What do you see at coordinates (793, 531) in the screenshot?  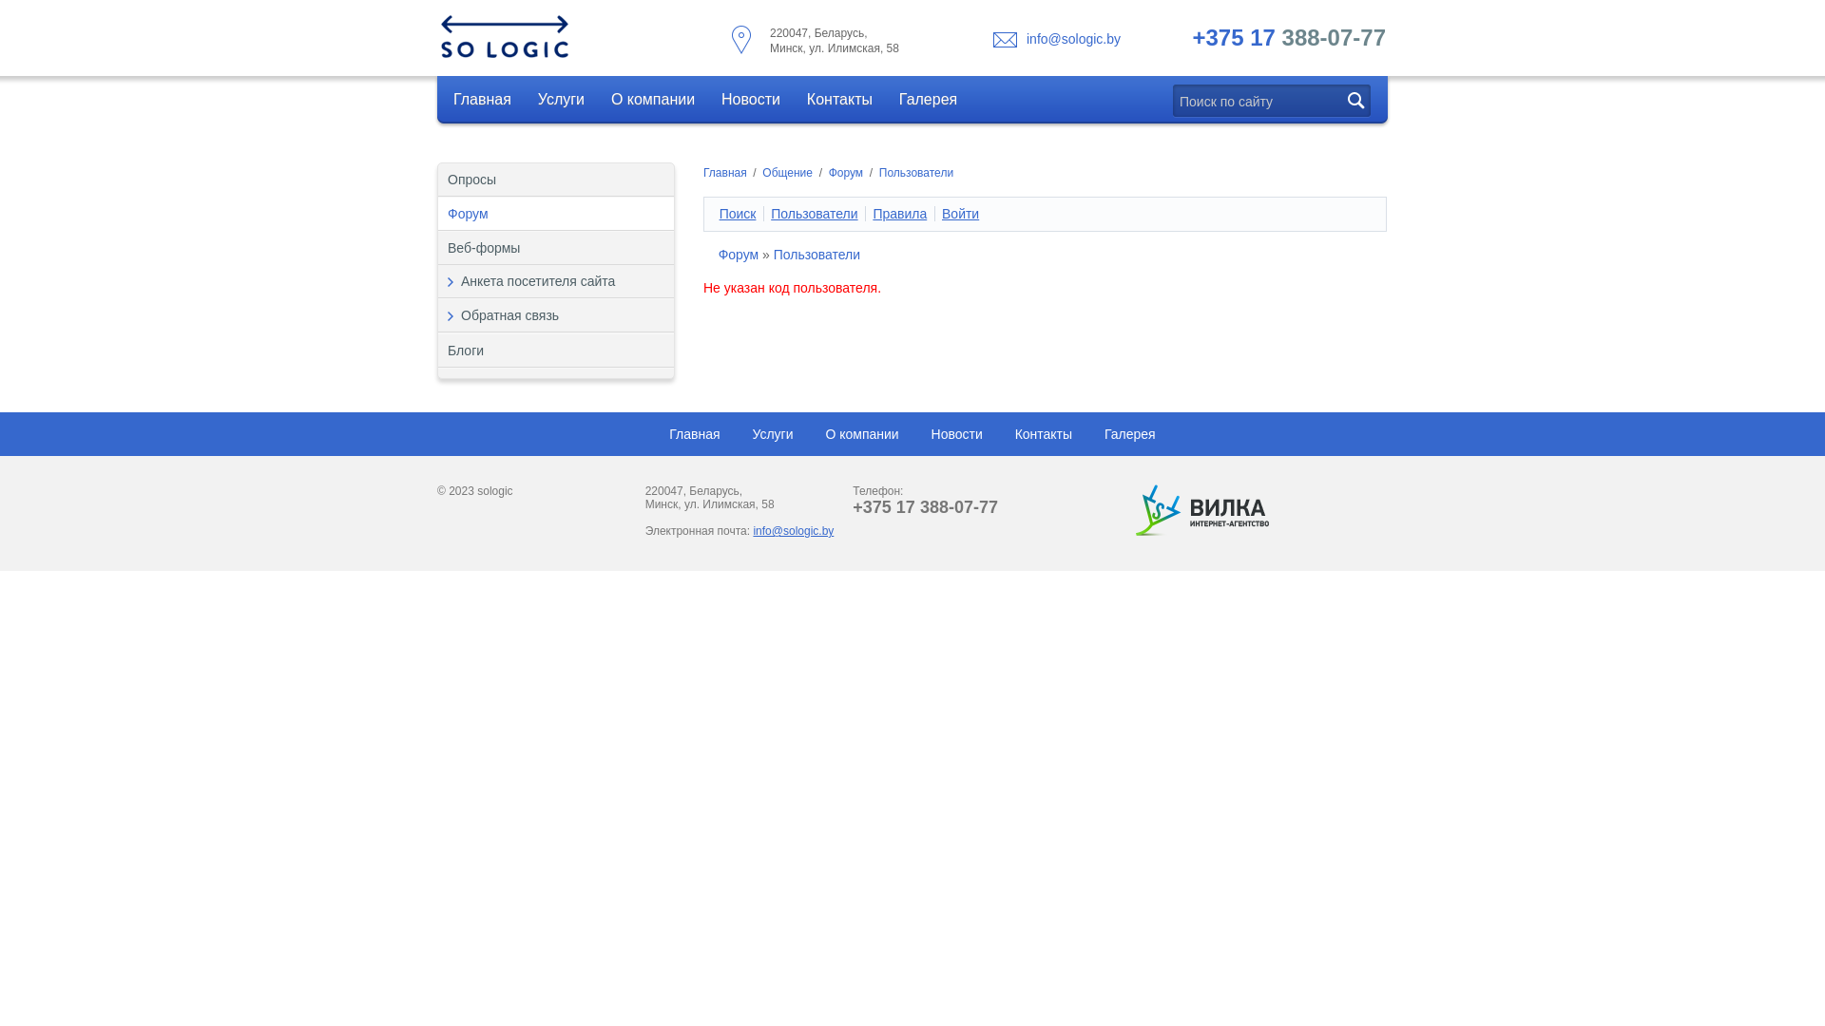 I see `'info@sologic.by'` at bounding box center [793, 531].